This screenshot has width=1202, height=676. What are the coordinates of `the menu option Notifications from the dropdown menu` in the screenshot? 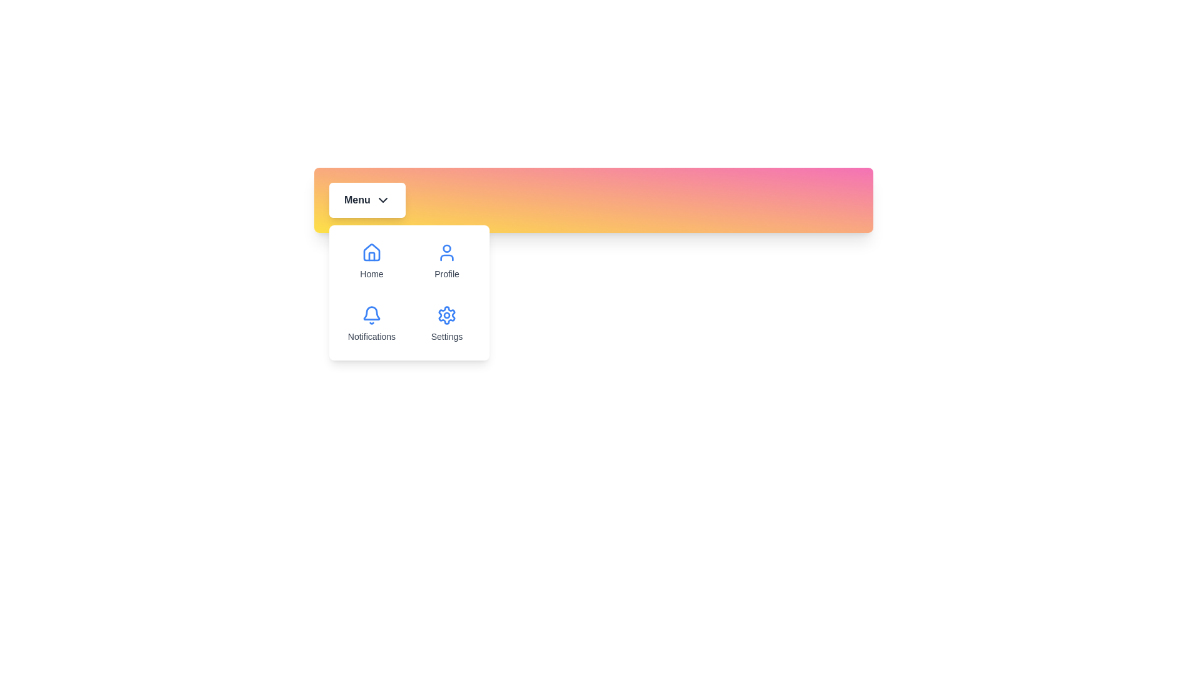 It's located at (371, 323).